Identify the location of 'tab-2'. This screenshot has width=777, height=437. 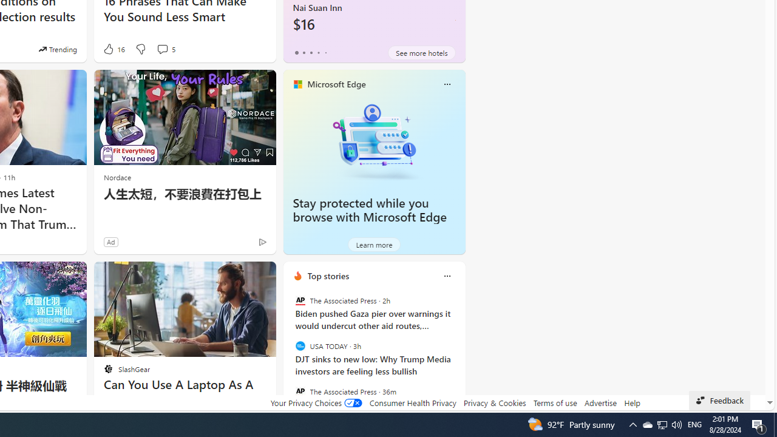
(311, 52).